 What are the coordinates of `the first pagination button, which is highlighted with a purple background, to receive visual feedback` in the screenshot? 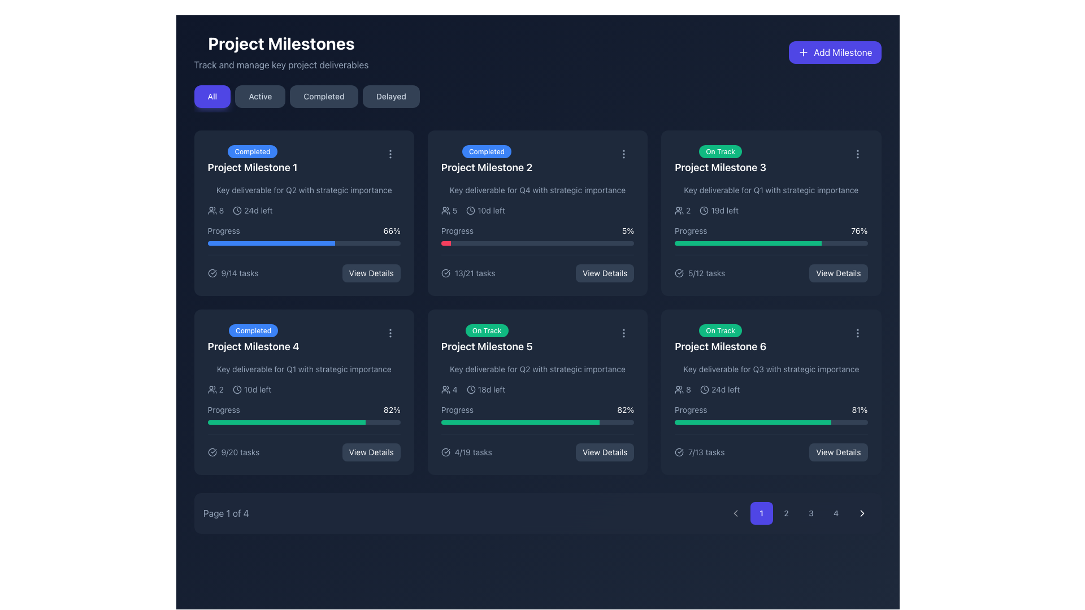 It's located at (798, 513).